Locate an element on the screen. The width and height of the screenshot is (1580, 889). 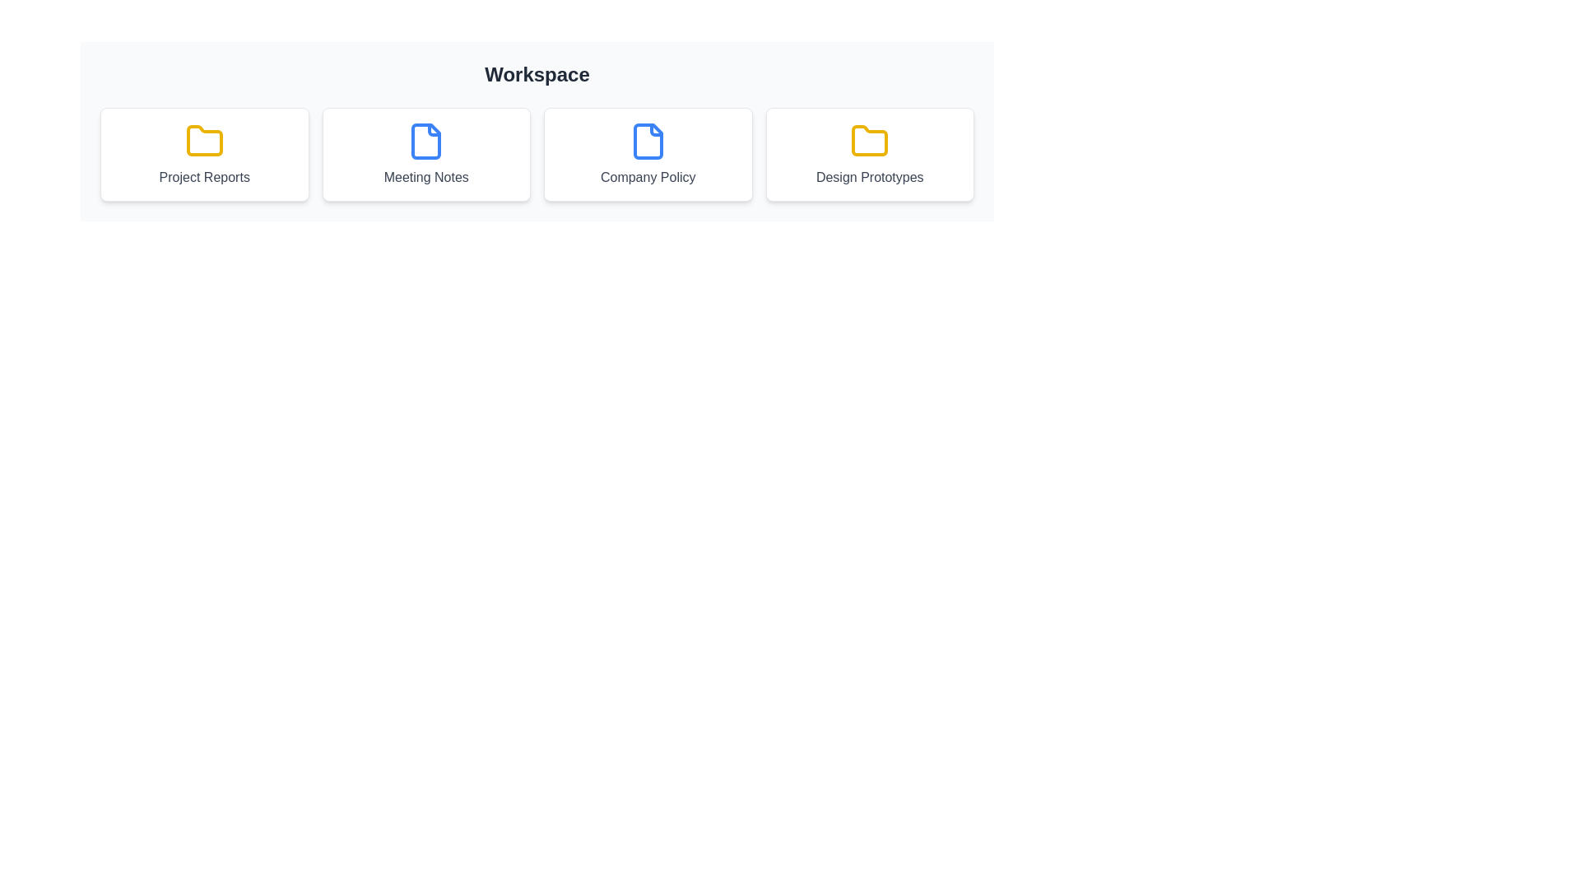
the text label reading 'Design Prototypes' styled with medium bold font and gray color, located beneath a yellow folder icon on the highlighted card in the right-most column is located at coordinates (869, 178).